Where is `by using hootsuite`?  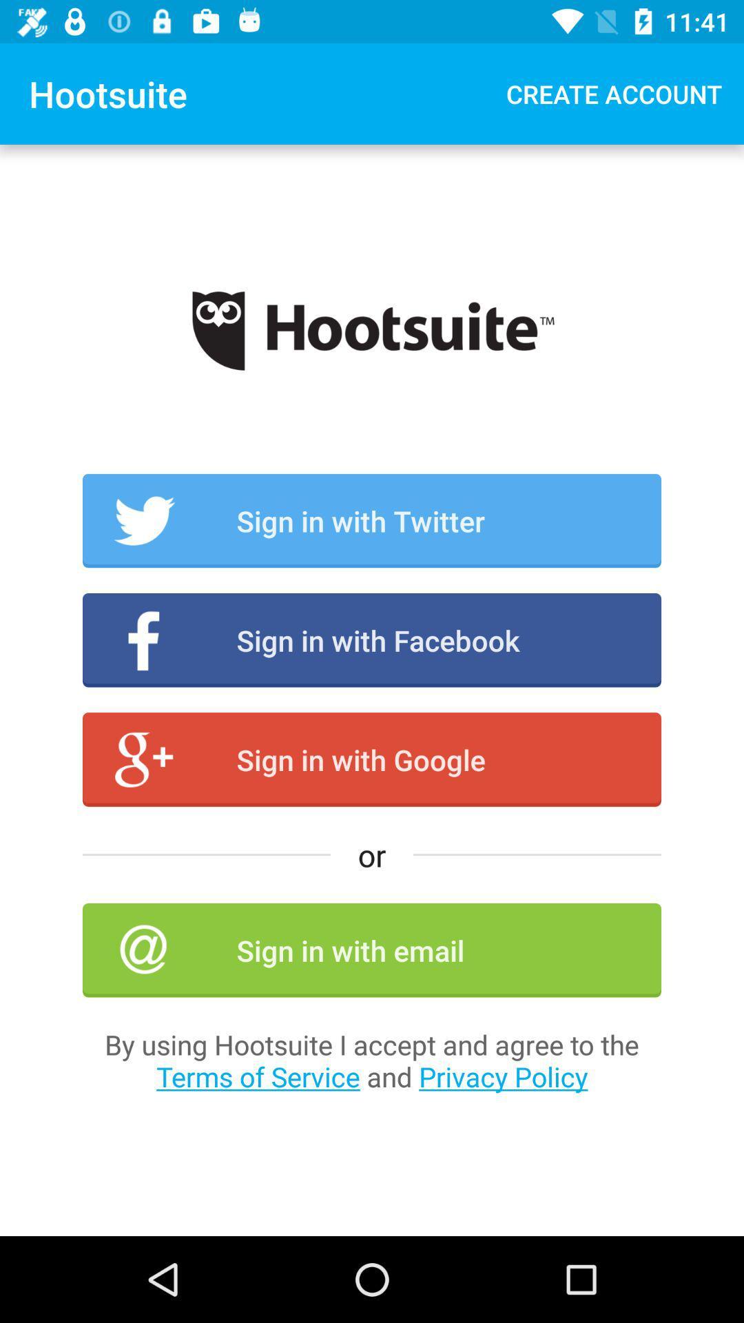 by using hootsuite is located at coordinates (372, 1060).